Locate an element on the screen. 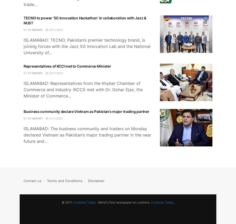  'TECNO to power ‘5G Innovation Hackathon’ in collaboration with Jazz & NUST' is located at coordinates (84, 20).